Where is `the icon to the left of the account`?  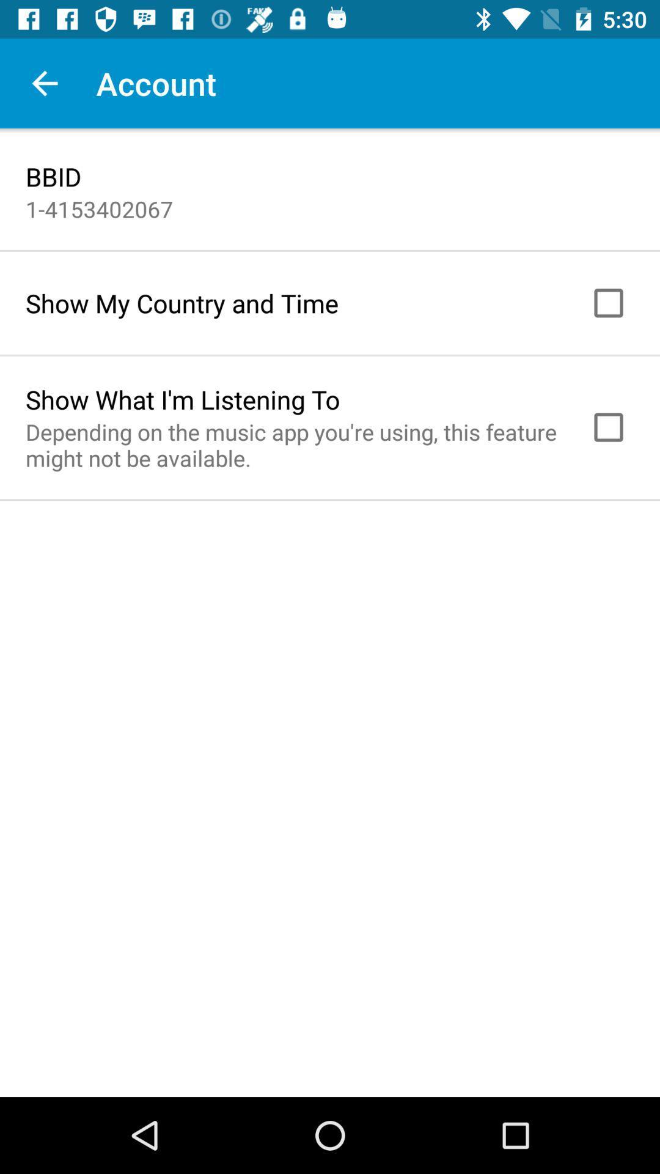 the icon to the left of the account is located at coordinates (44, 83).